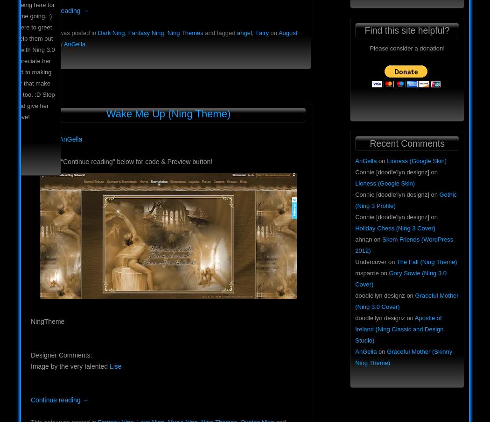 The width and height of the screenshot is (490, 422). Describe the element at coordinates (395, 228) in the screenshot. I see `'Holiday Chess (Ning 3 Cover)'` at that location.